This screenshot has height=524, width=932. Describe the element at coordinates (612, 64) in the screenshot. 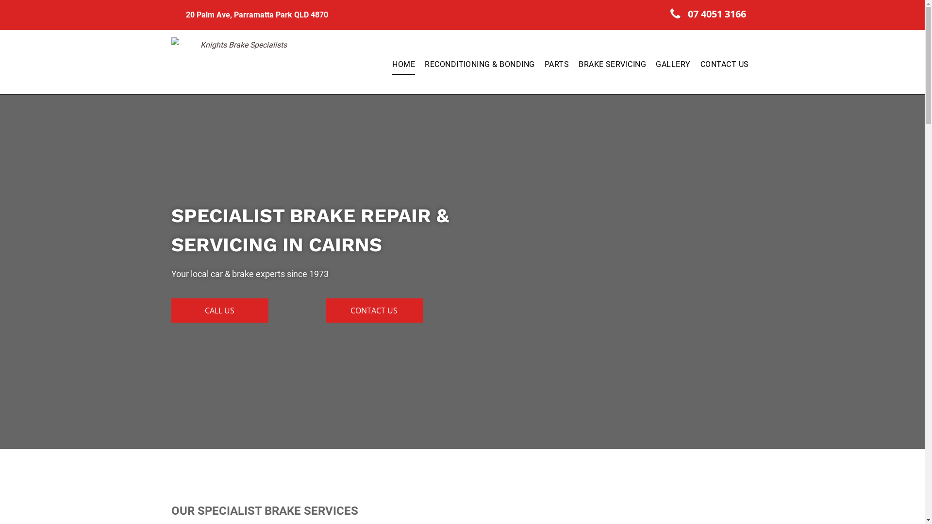

I see `'BRAKE SERVICING'` at that location.